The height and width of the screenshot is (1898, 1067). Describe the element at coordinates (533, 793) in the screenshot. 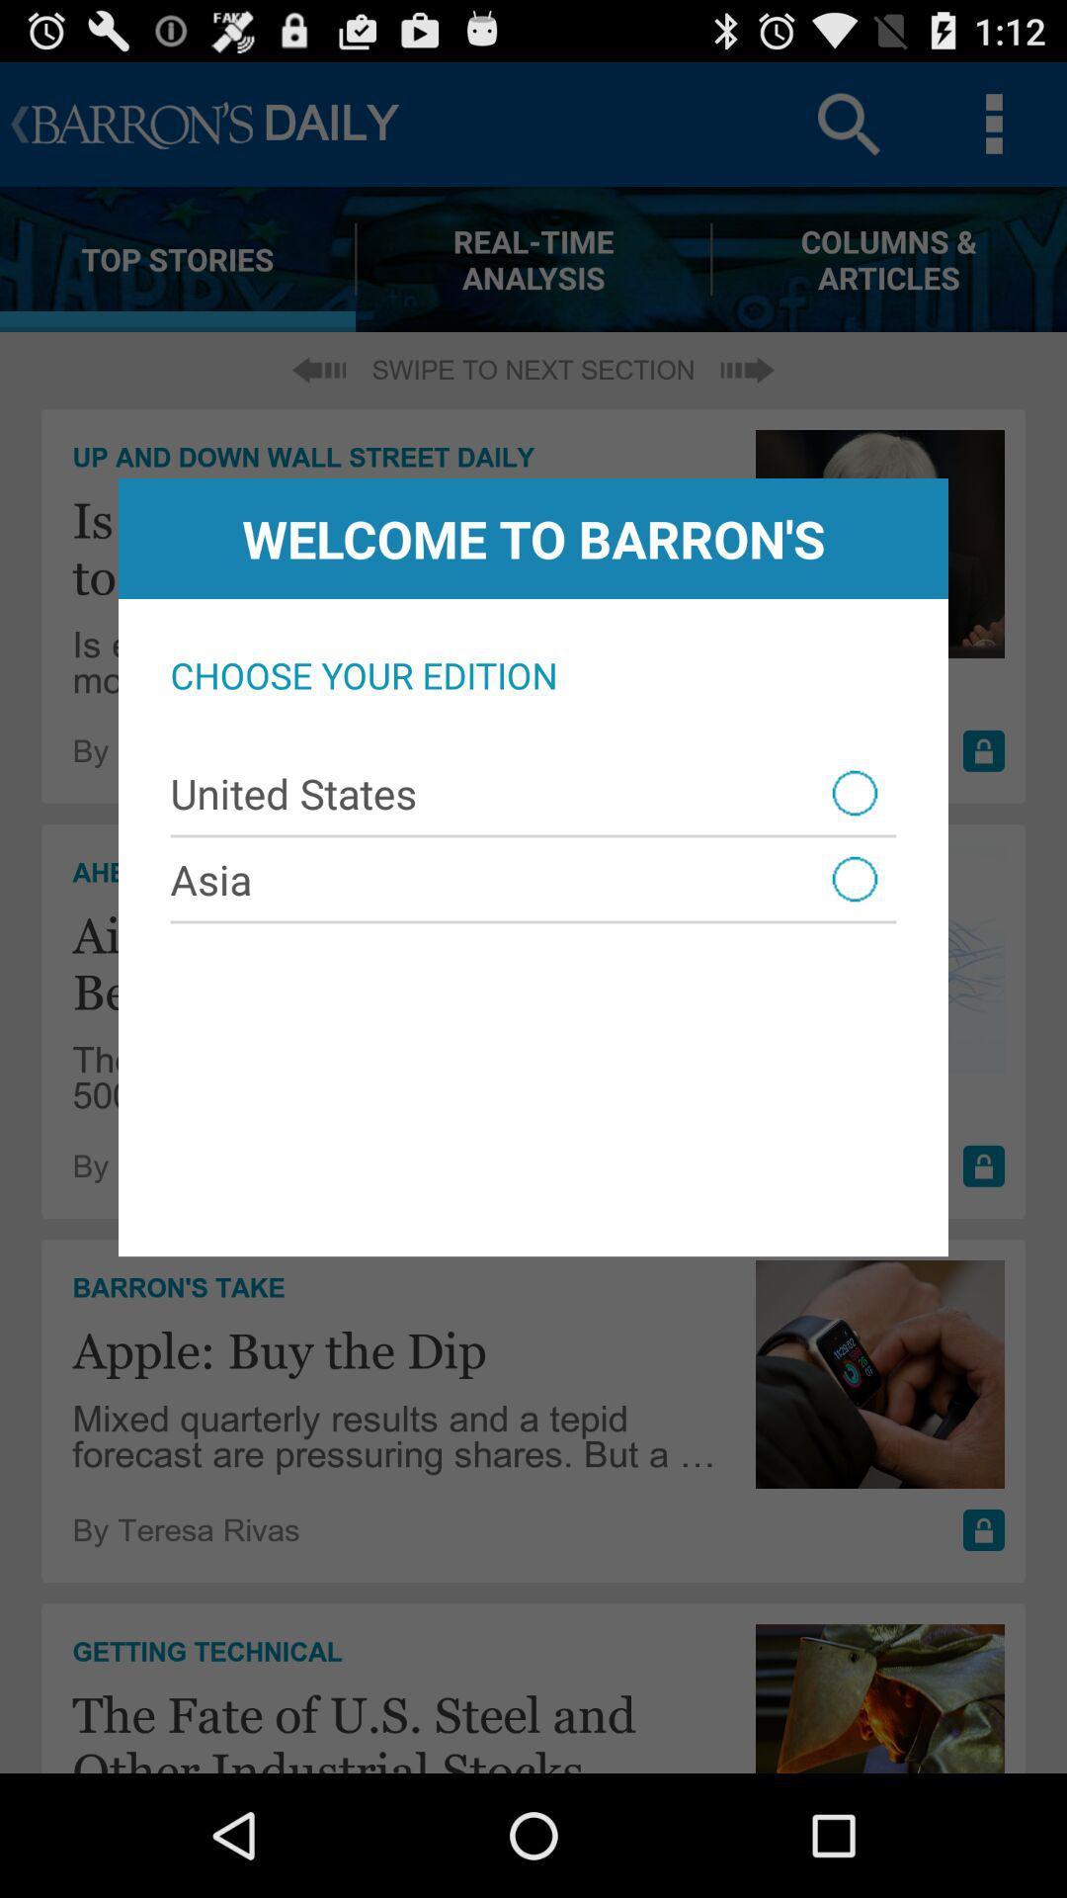

I see `the icon below the choose your edition icon` at that location.